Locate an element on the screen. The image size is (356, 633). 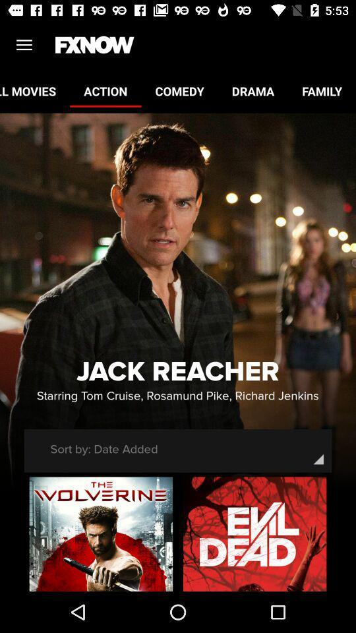
item to the left of the action icon is located at coordinates (35, 90).